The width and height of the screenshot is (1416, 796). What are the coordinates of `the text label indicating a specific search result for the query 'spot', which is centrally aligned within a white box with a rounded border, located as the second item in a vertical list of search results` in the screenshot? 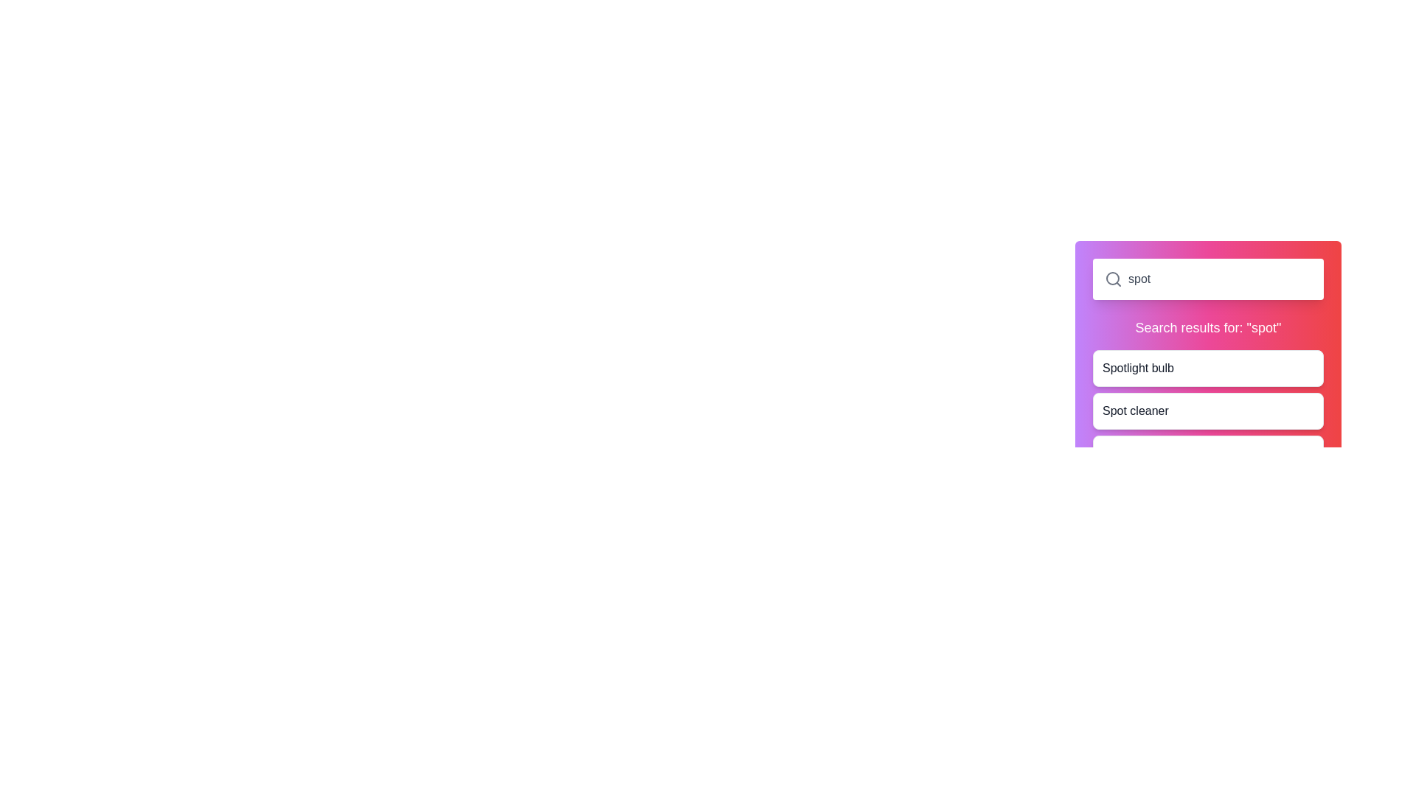 It's located at (1134, 411).